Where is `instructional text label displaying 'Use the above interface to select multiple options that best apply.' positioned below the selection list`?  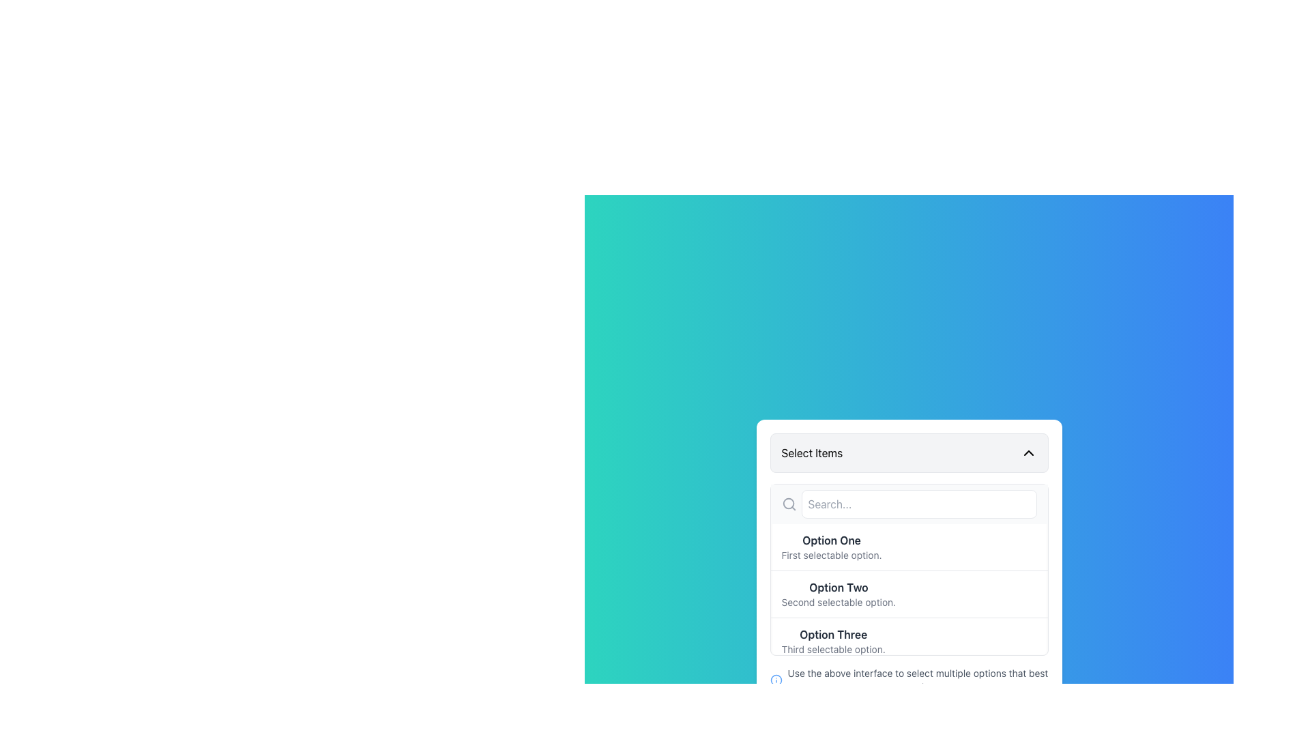
instructional text label displaying 'Use the above interface to select multiple options that best apply.' positioned below the selection list is located at coordinates (918, 680).